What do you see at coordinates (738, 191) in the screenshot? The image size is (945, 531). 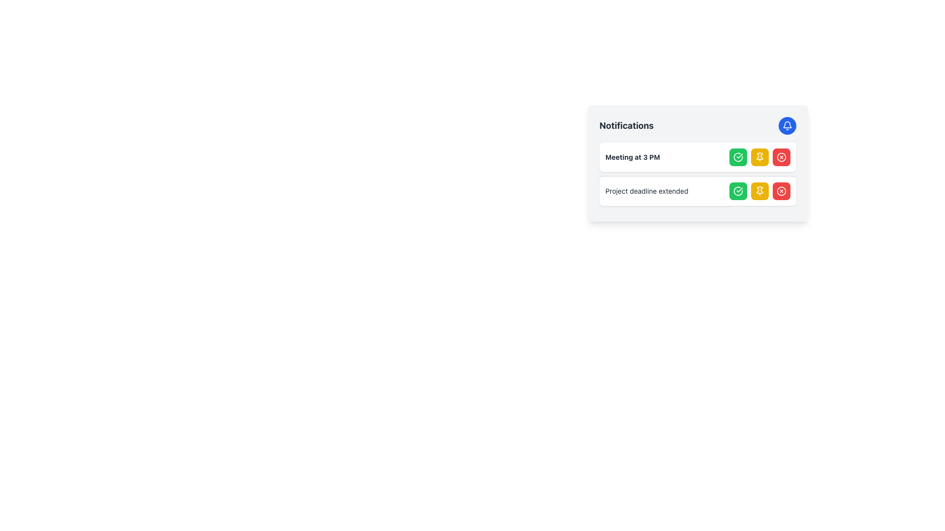 I see `the leftmost icon with a green background in the second notification row labeled 'Project deadline extended', which serves as a confirmation indicator` at bounding box center [738, 191].